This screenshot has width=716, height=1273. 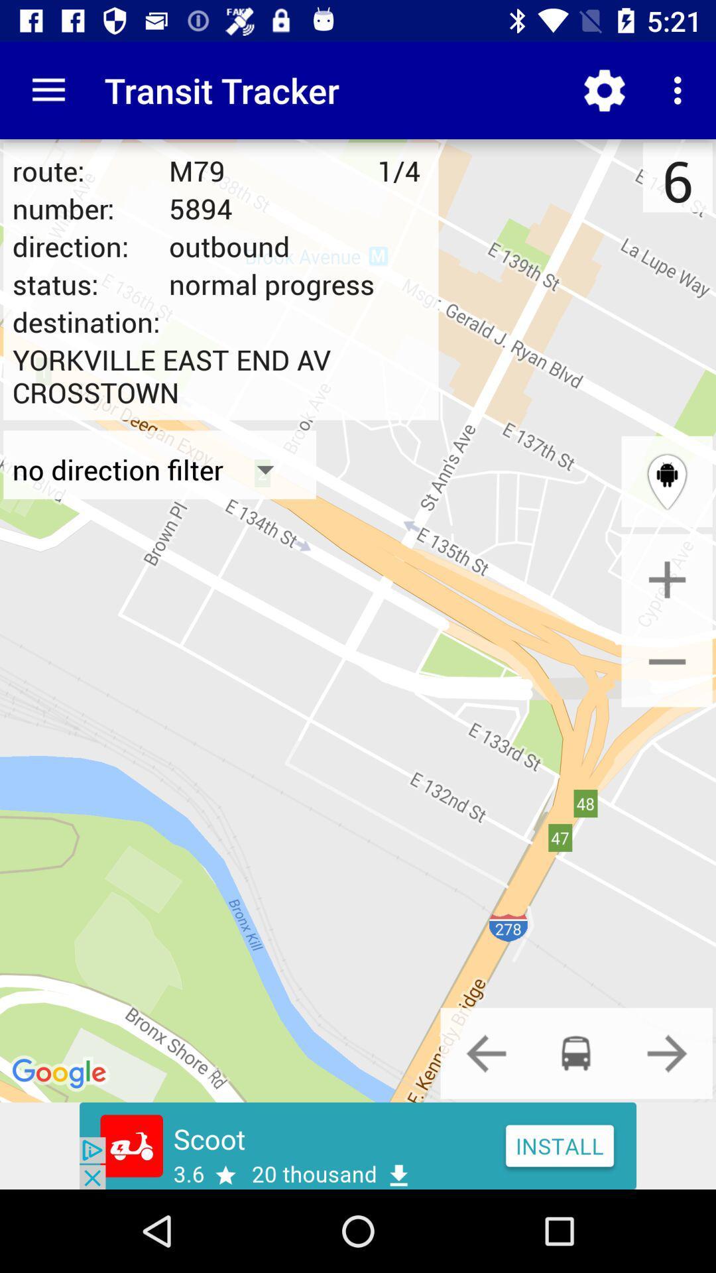 What do you see at coordinates (358, 1145) in the screenshot?
I see `open advertisement` at bounding box center [358, 1145].